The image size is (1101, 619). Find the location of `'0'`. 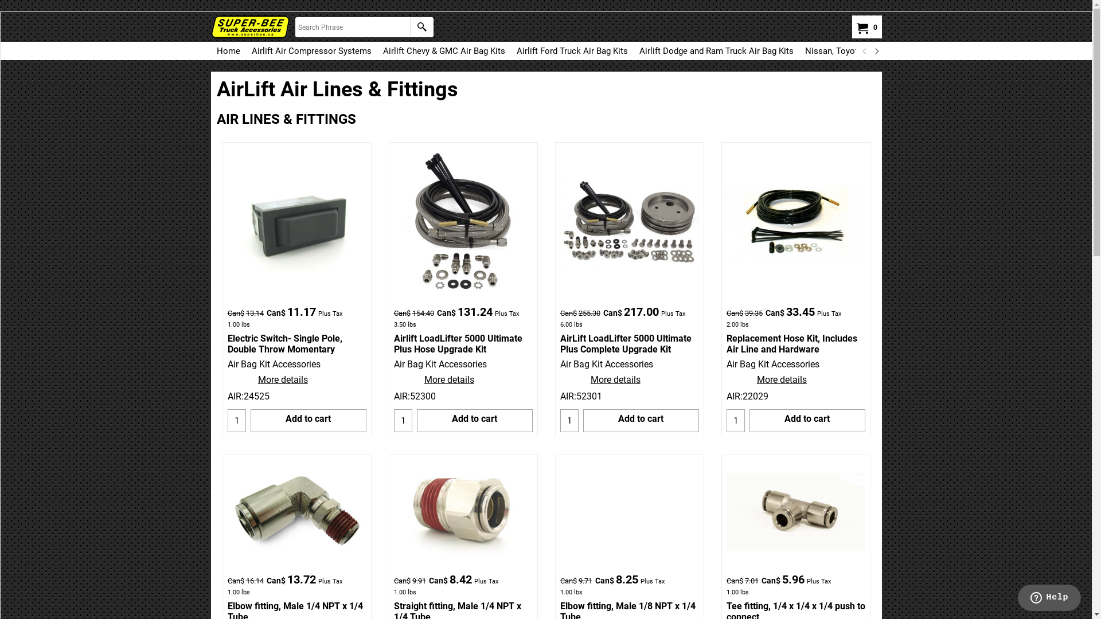

'0' is located at coordinates (865, 28).